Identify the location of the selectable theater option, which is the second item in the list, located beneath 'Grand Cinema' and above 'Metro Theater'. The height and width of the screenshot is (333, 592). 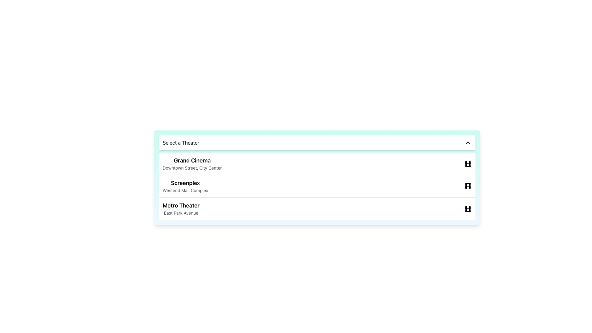
(185, 186).